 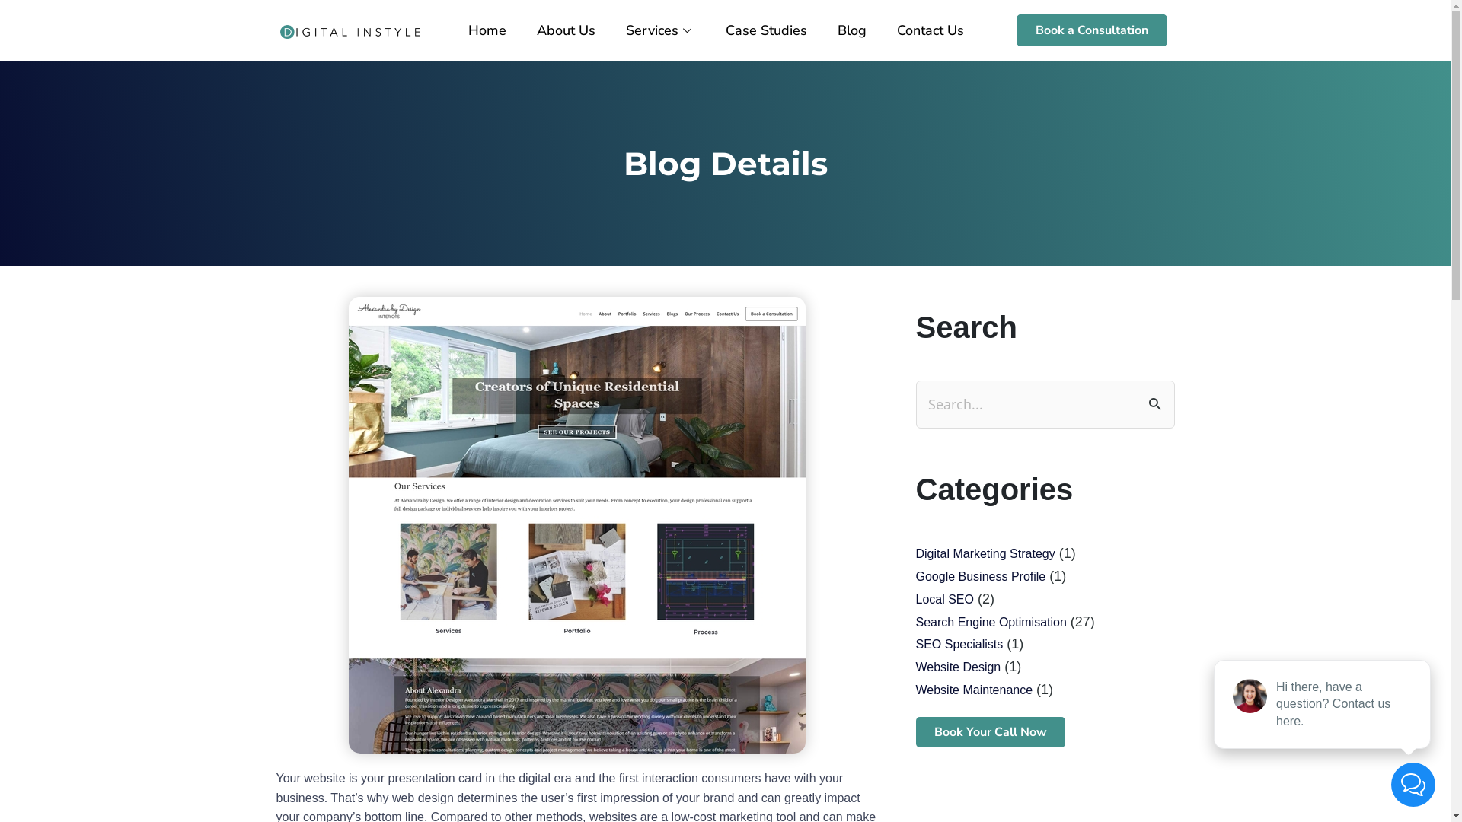 I want to click on 'Case Studies', so click(x=766, y=30).